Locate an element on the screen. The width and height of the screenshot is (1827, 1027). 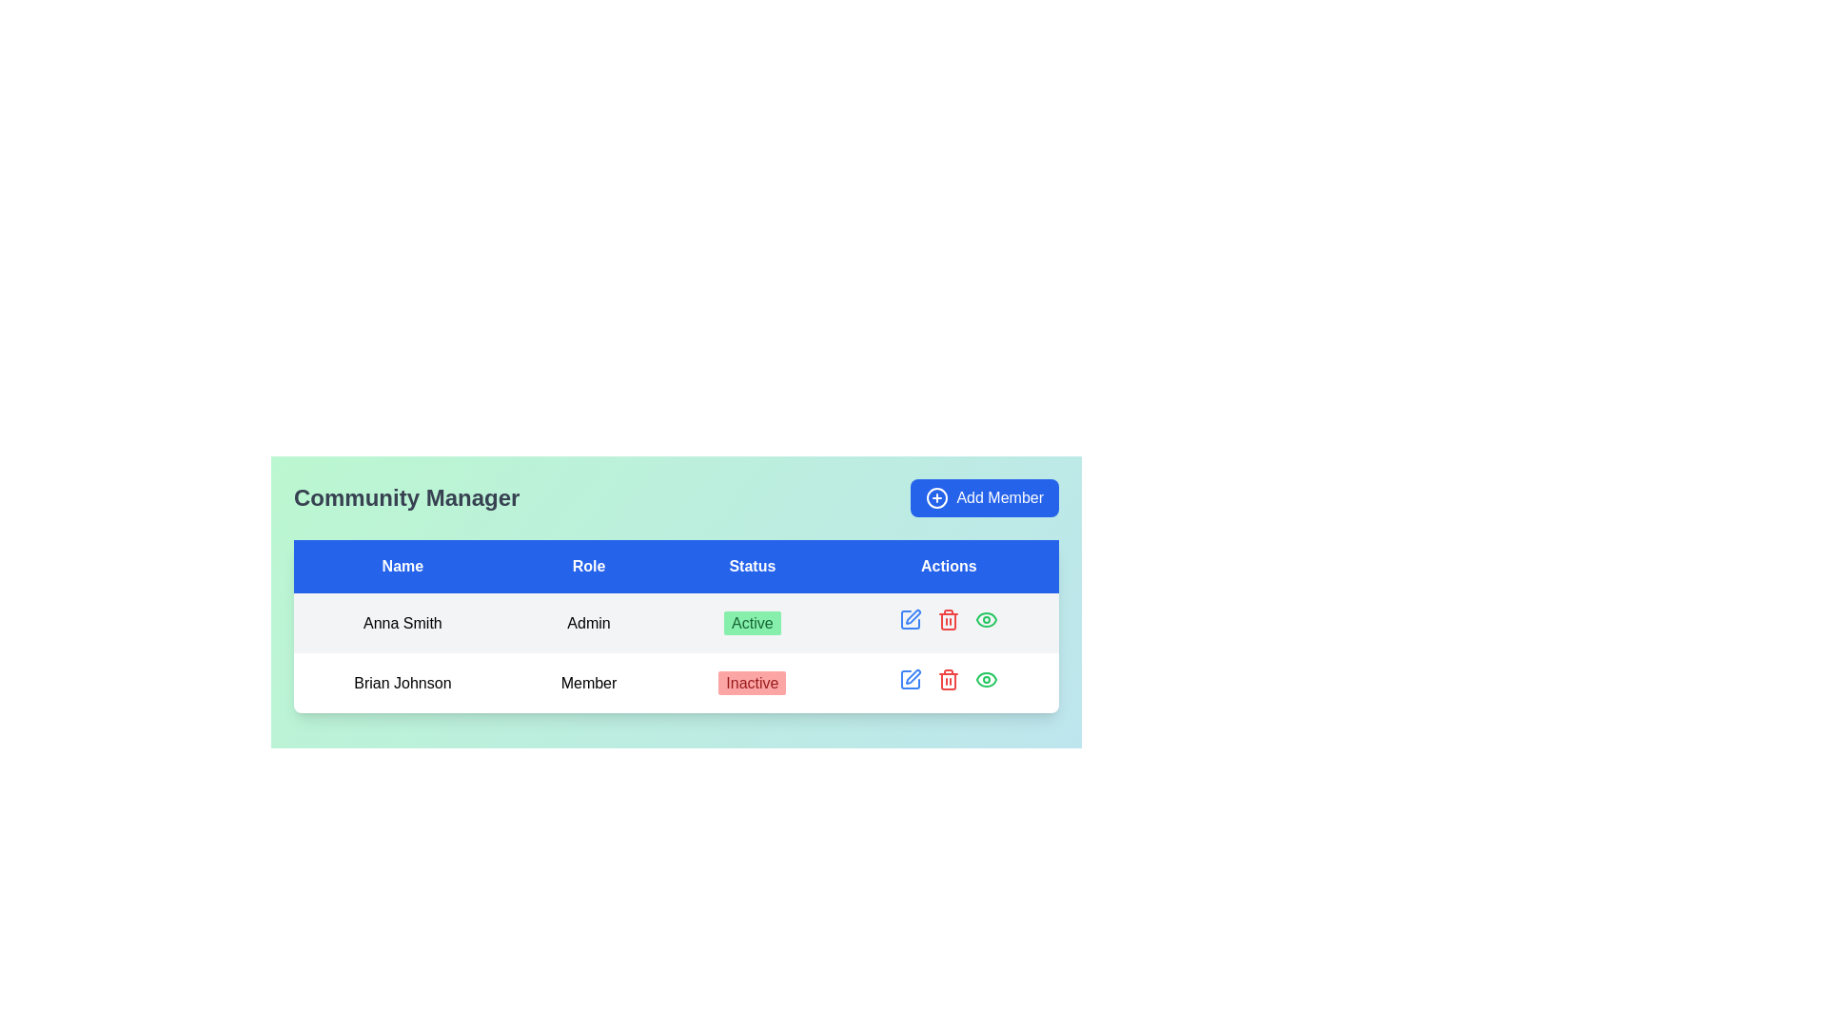
the 'Status' column header label, which is the third header in the table indicating user statuses, located between 'Role' and 'Actions' is located at coordinates (751, 566).